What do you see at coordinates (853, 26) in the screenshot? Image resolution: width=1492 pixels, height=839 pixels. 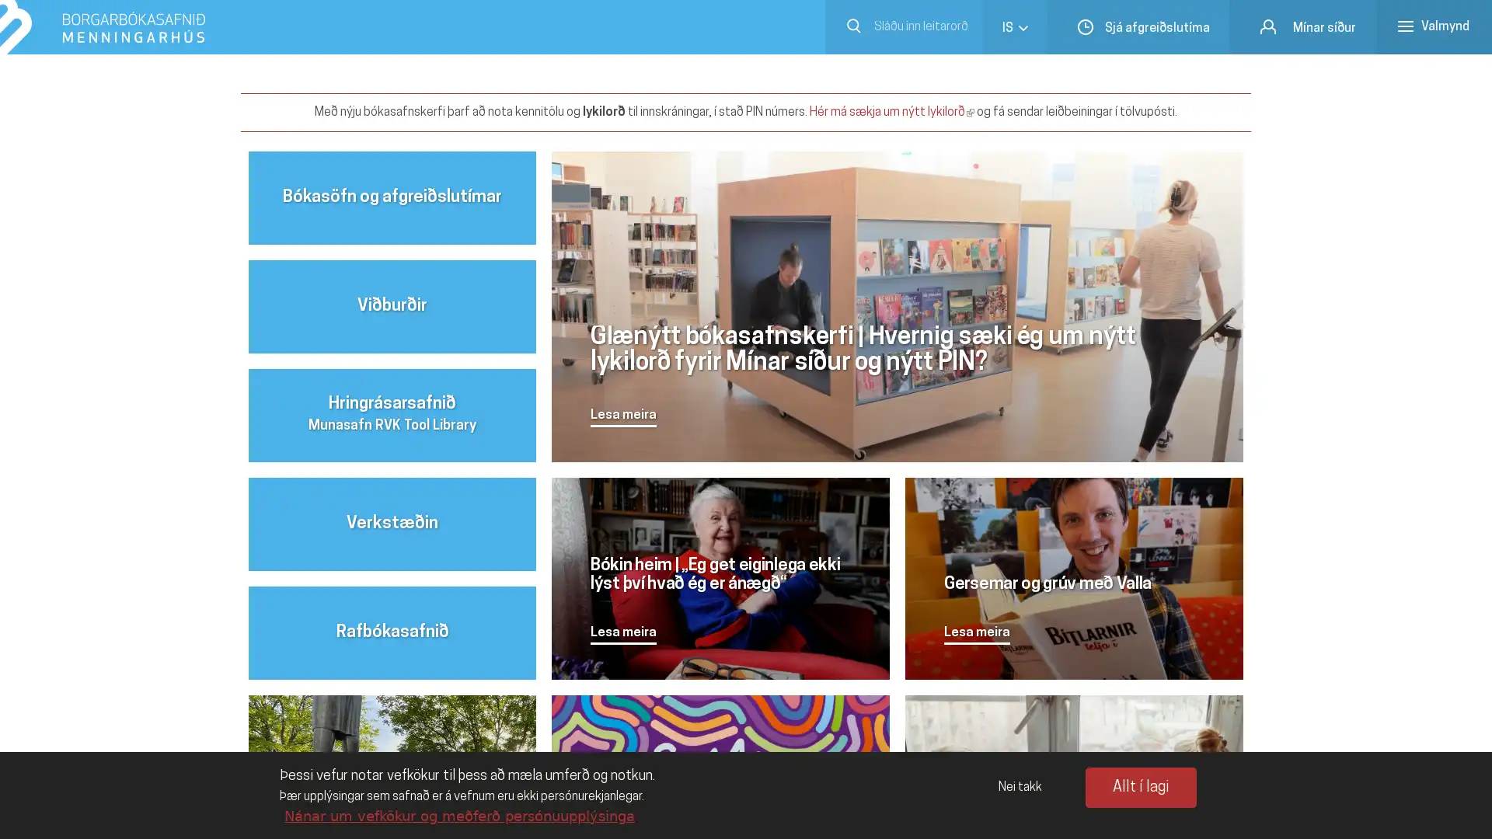 I see `Submit` at bounding box center [853, 26].